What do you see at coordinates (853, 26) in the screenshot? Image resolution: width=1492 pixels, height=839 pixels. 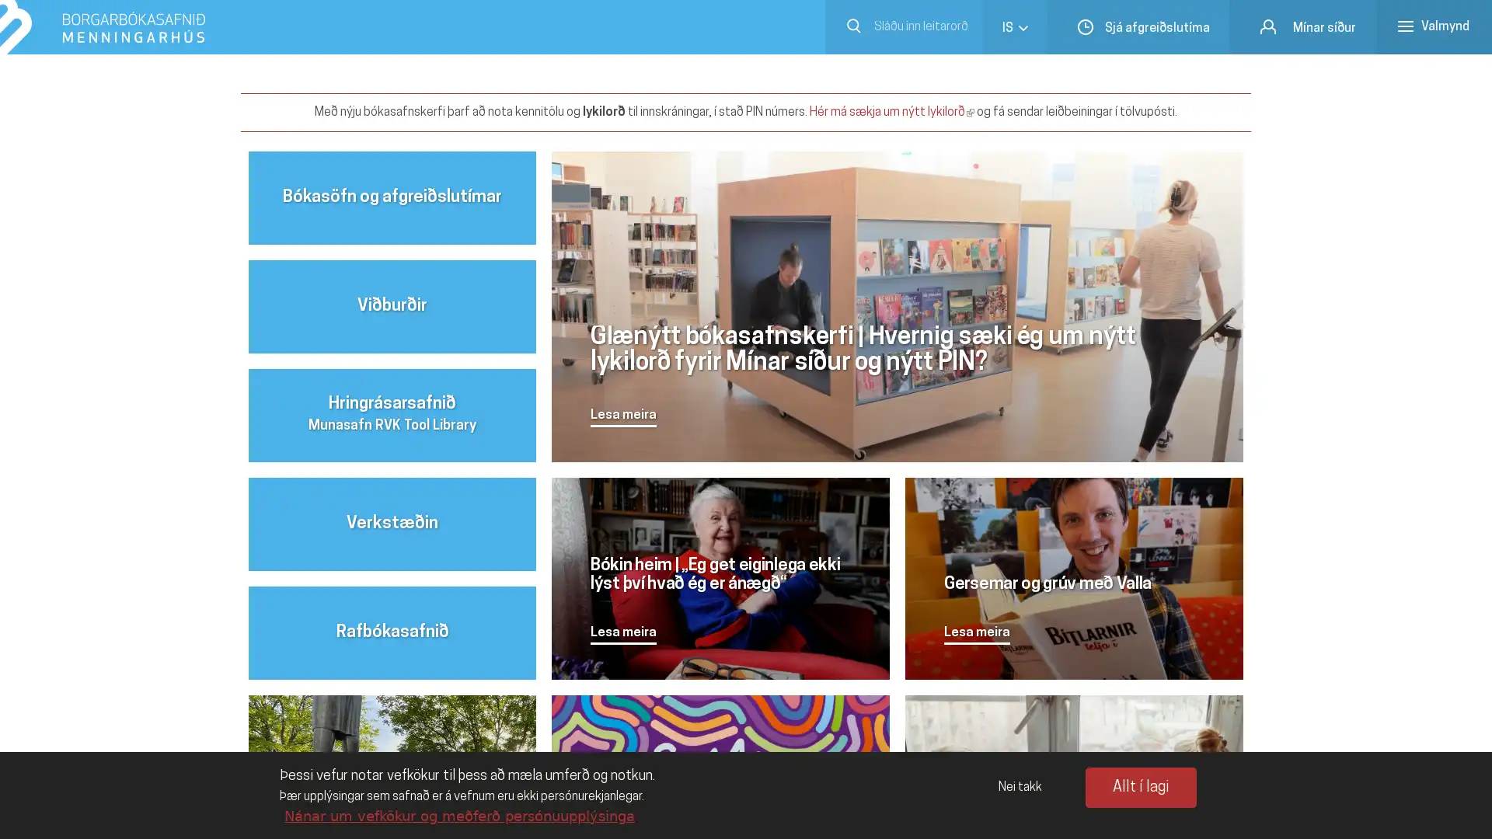 I see `Submit` at bounding box center [853, 26].